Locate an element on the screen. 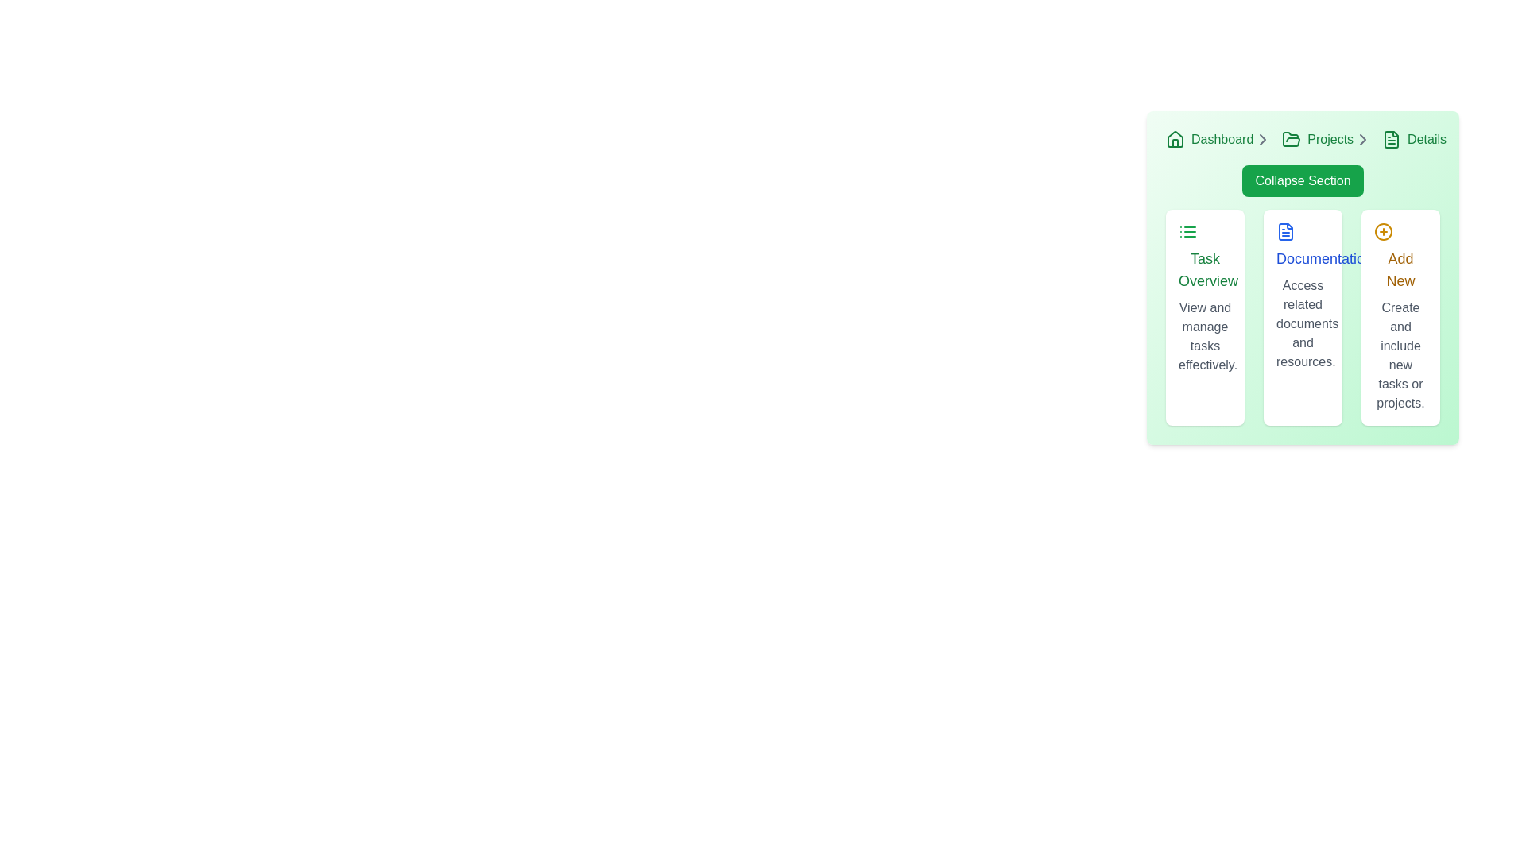  the 'Projects' breadcrumb navigation link, which is the second item in the breadcrumb navigation between 'Dashboard' and 'Details' is located at coordinates (1327, 139).